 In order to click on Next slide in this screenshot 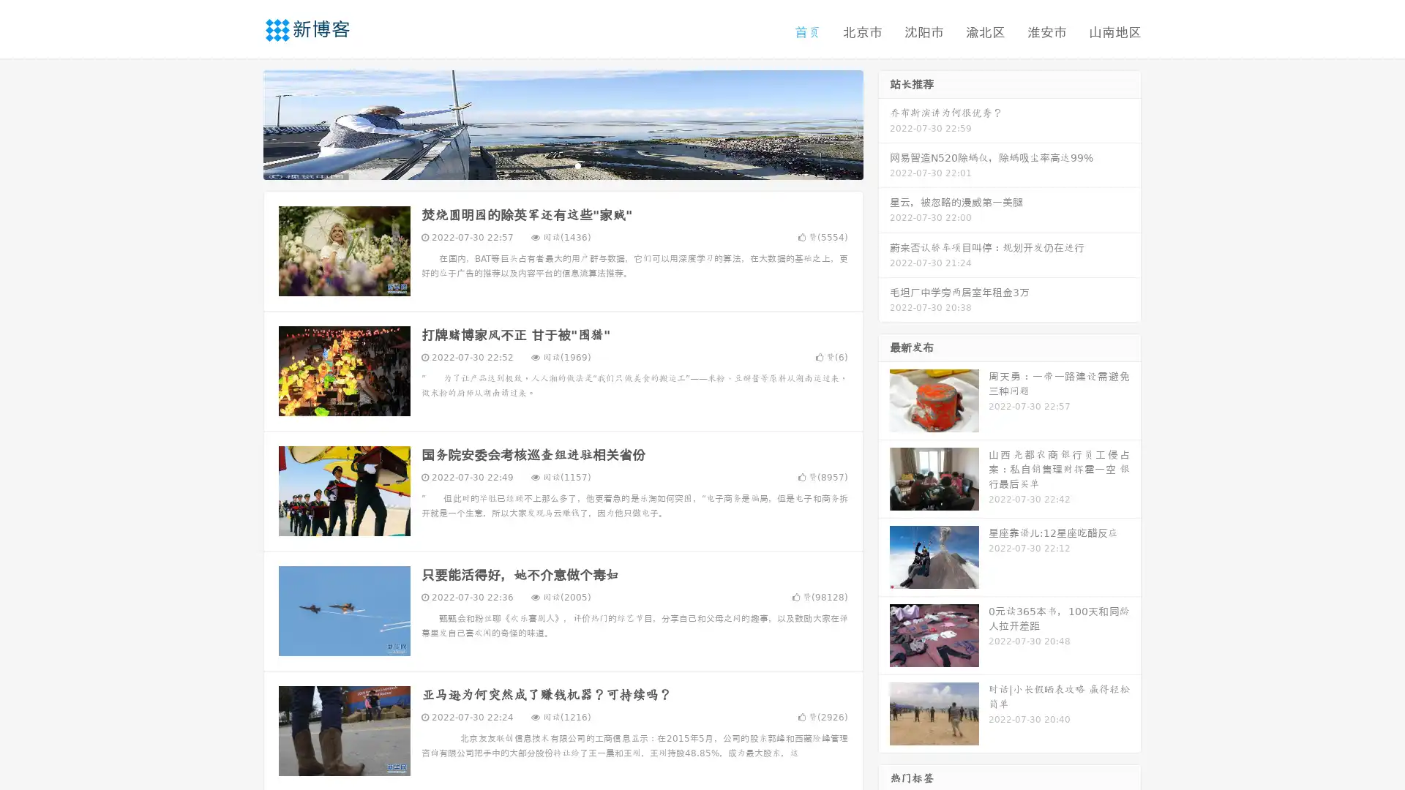, I will do `click(884, 123)`.